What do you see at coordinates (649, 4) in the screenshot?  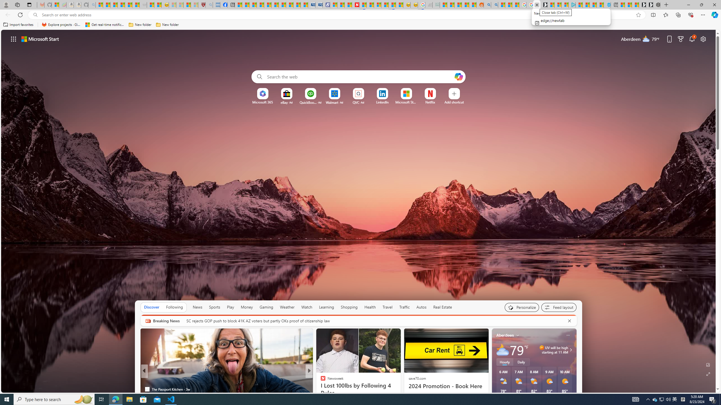 I see `'Play Free Online Games | Games from Microsoft Start'` at bounding box center [649, 4].